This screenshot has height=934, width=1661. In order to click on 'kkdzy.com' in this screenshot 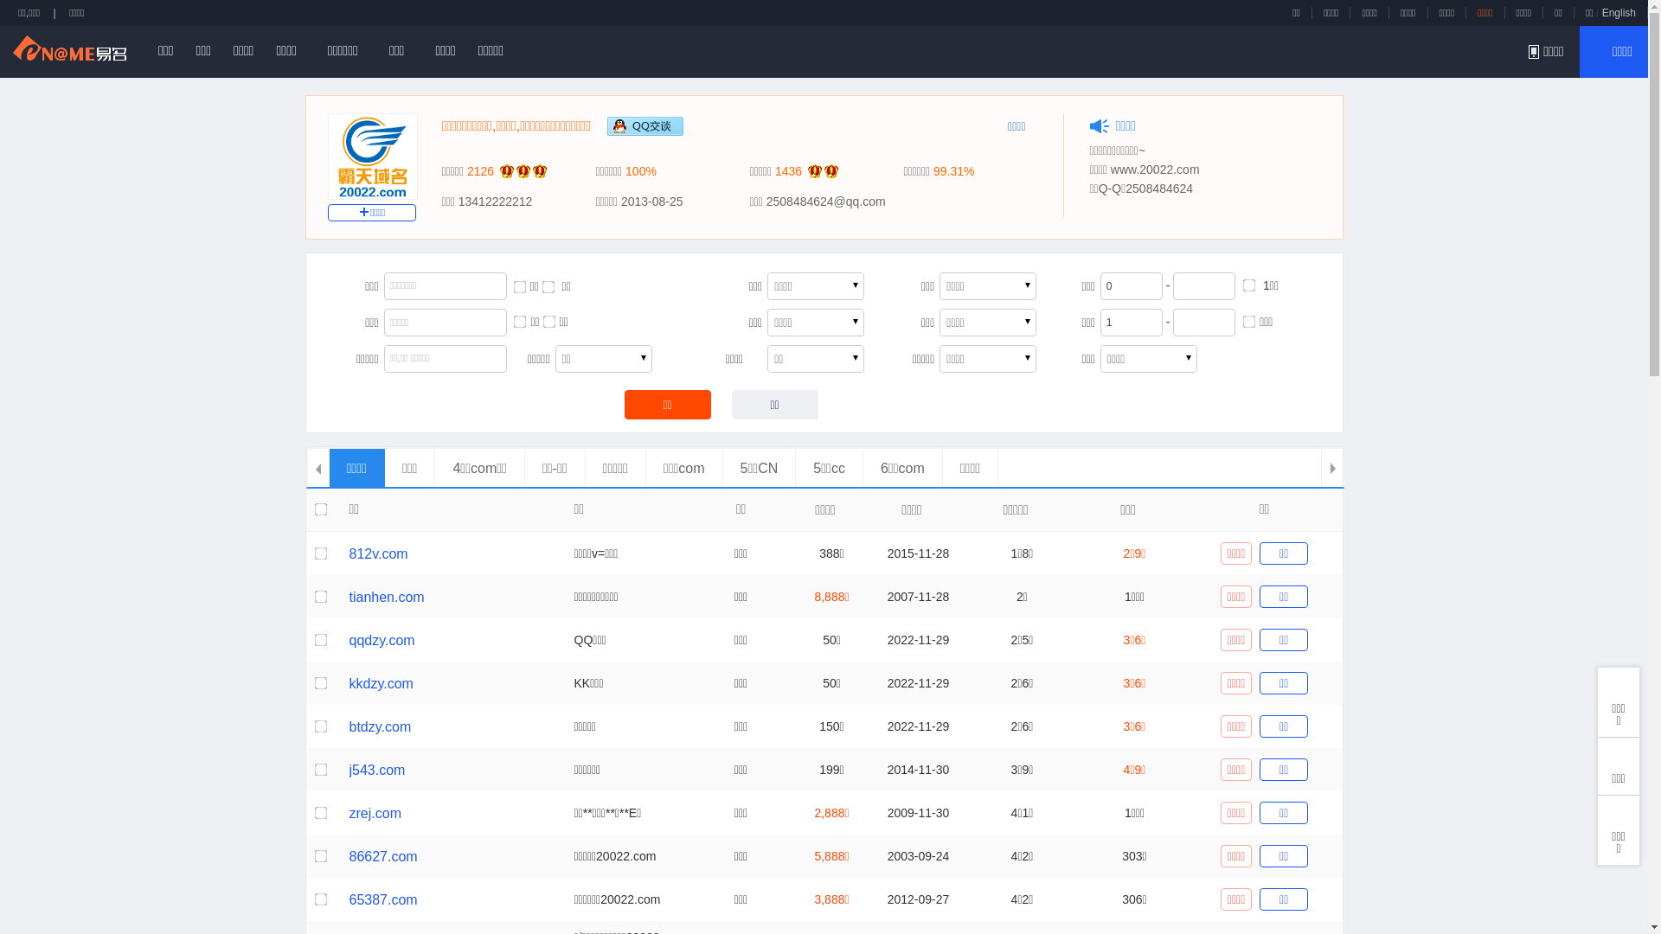, I will do `click(381, 682)`.